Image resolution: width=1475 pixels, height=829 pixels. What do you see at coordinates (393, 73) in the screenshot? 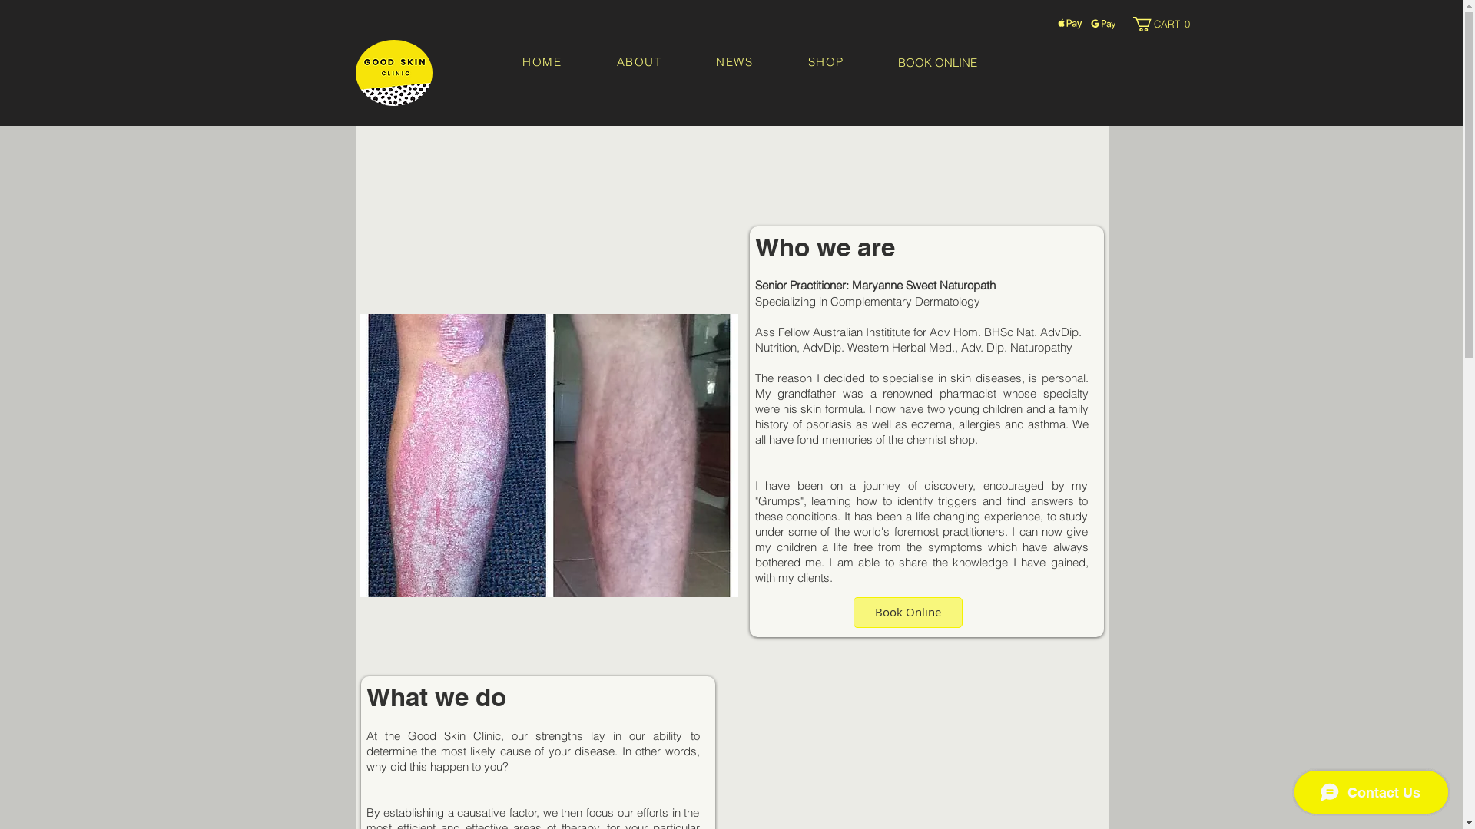
I see `'logo image.PNG'` at bounding box center [393, 73].